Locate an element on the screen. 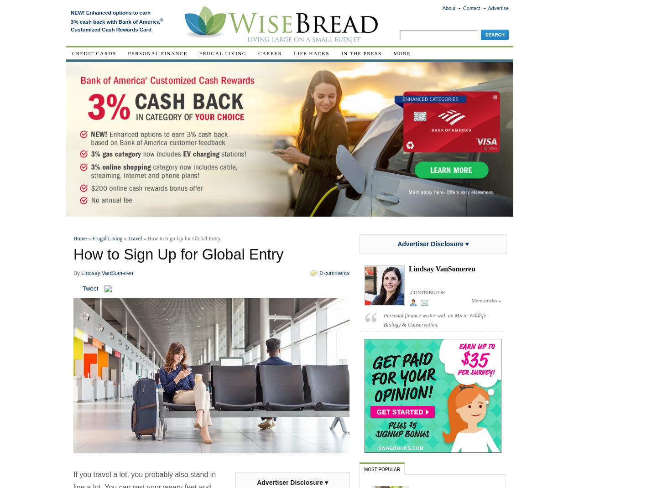  'More articles »' is located at coordinates (486, 301).